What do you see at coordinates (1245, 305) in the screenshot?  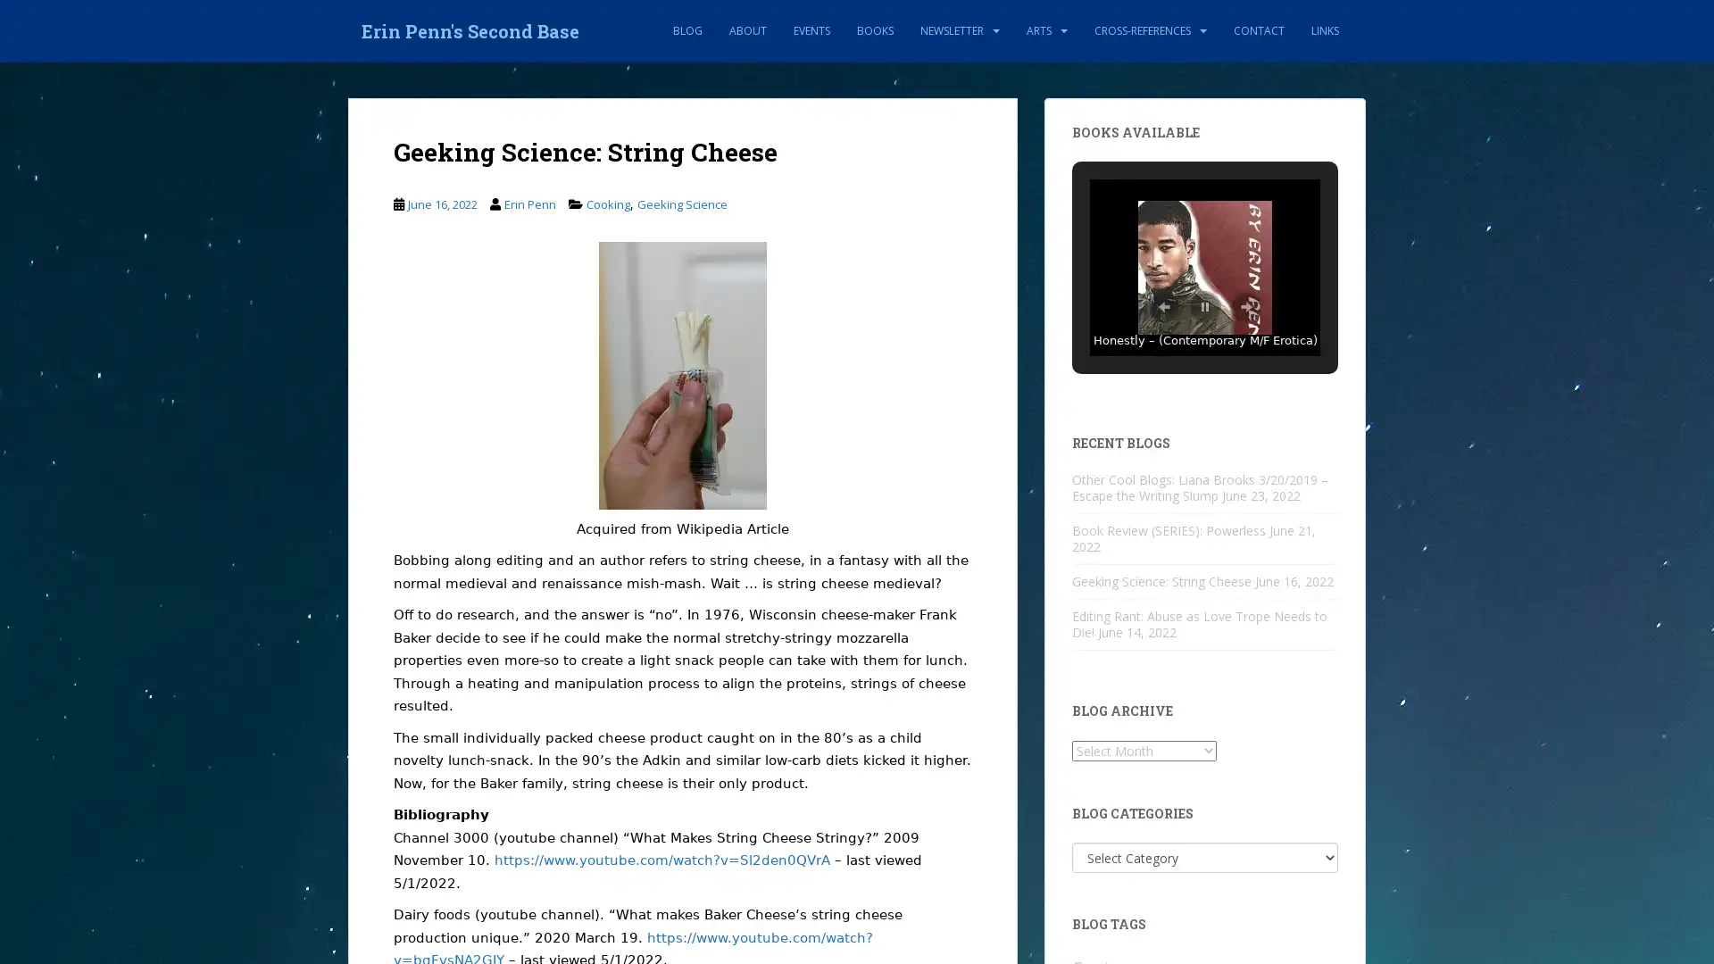 I see `Next Slide` at bounding box center [1245, 305].